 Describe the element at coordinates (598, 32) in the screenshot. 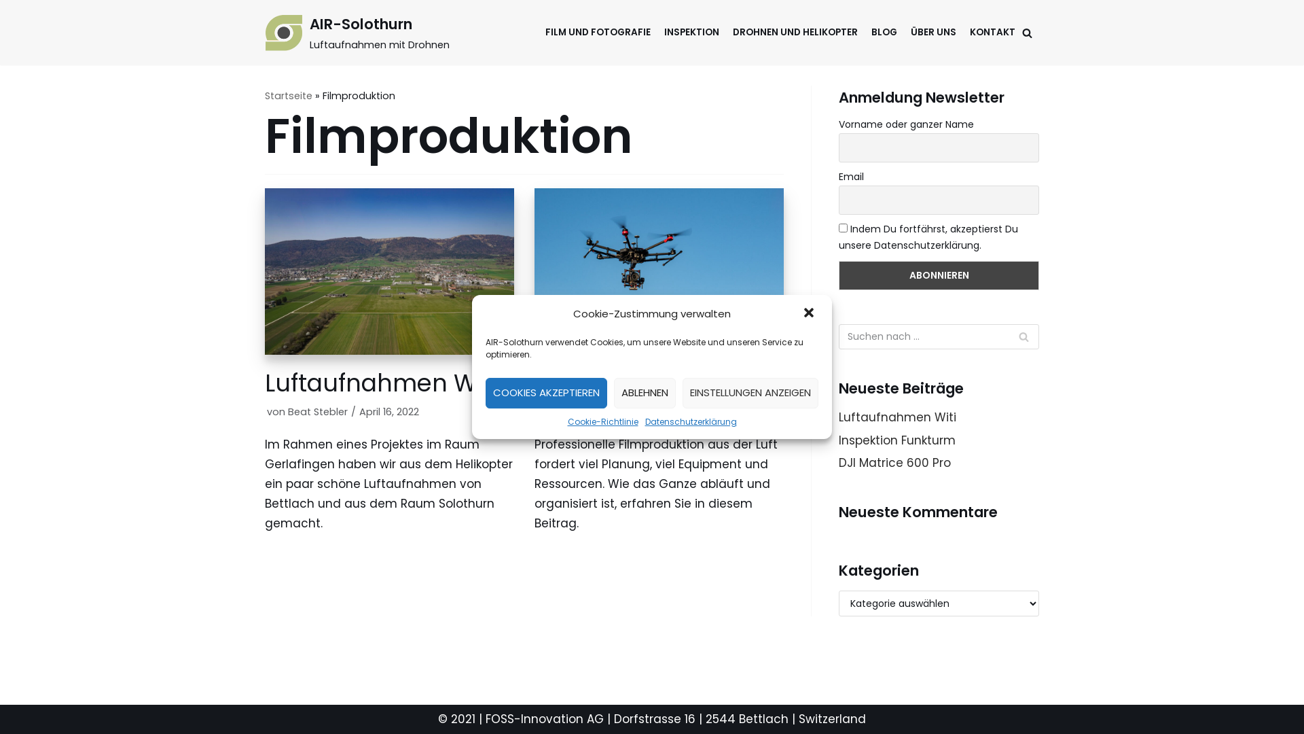

I see `'FILM UND FOTOGRAFIE'` at that location.